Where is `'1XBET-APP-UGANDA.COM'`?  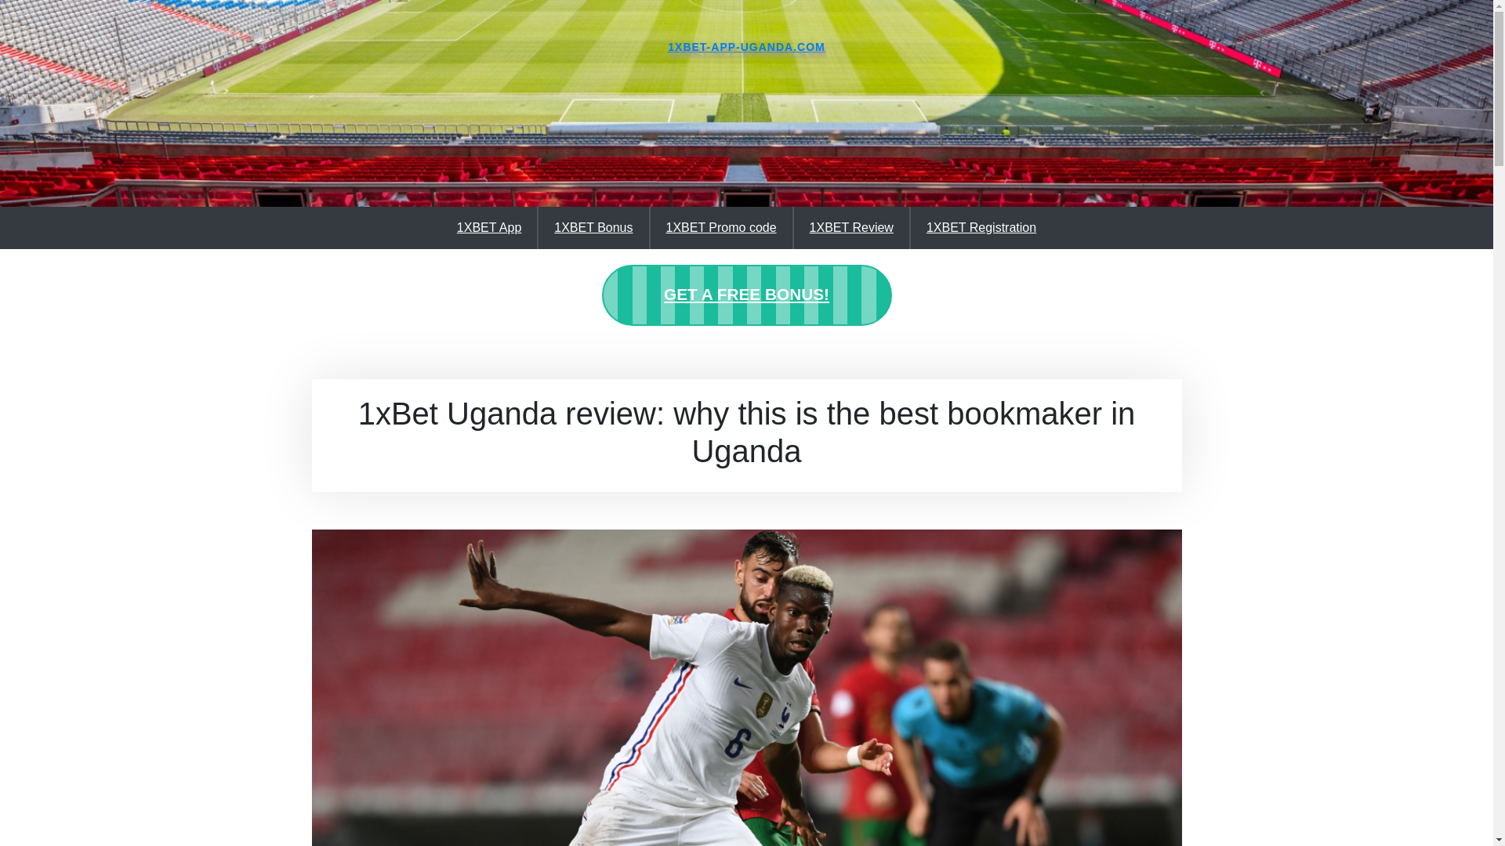 '1XBET-APP-UGANDA.COM' is located at coordinates (667, 46).